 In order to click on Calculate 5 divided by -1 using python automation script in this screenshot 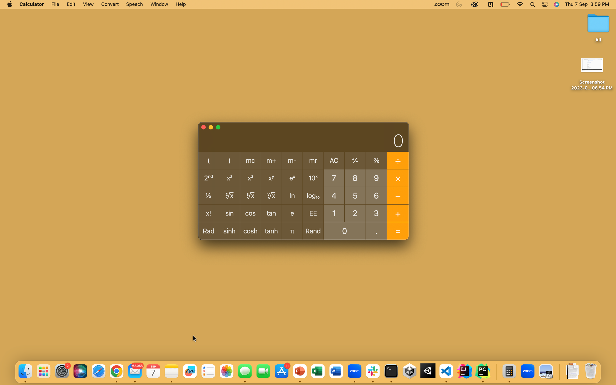, I will do `click(355, 195)`.